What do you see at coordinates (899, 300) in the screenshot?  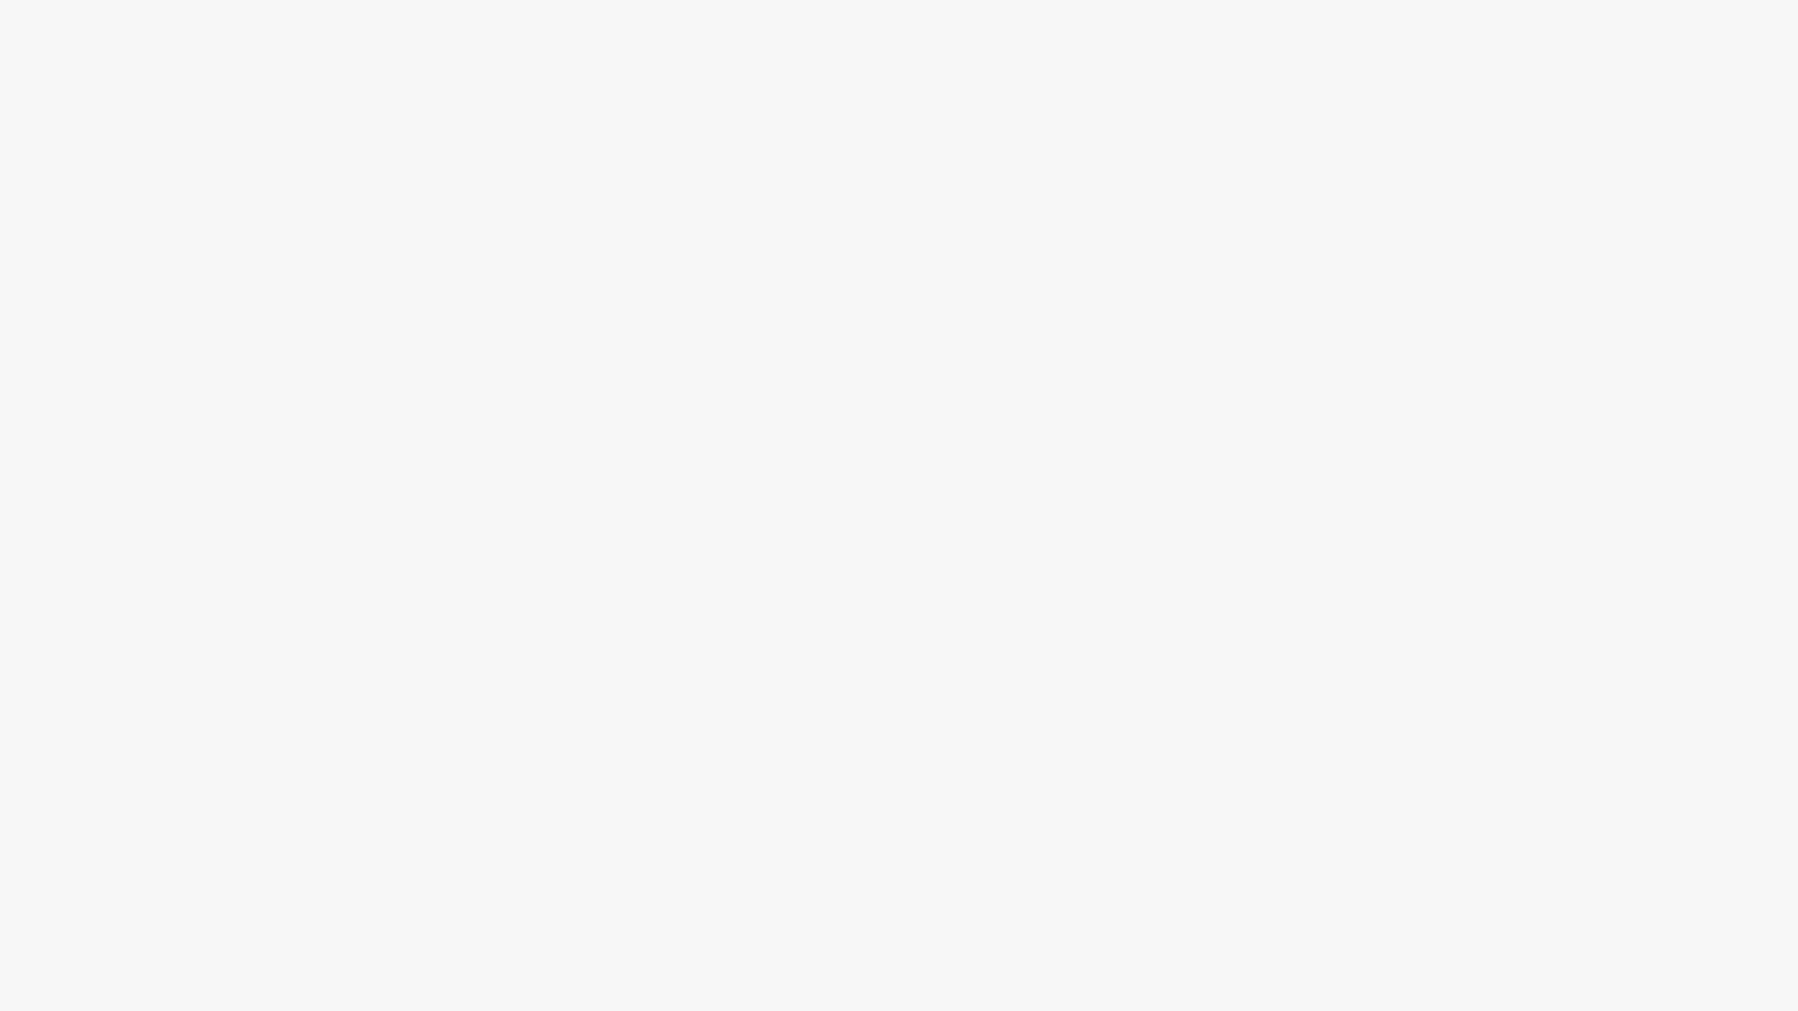 I see `Log In` at bounding box center [899, 300].